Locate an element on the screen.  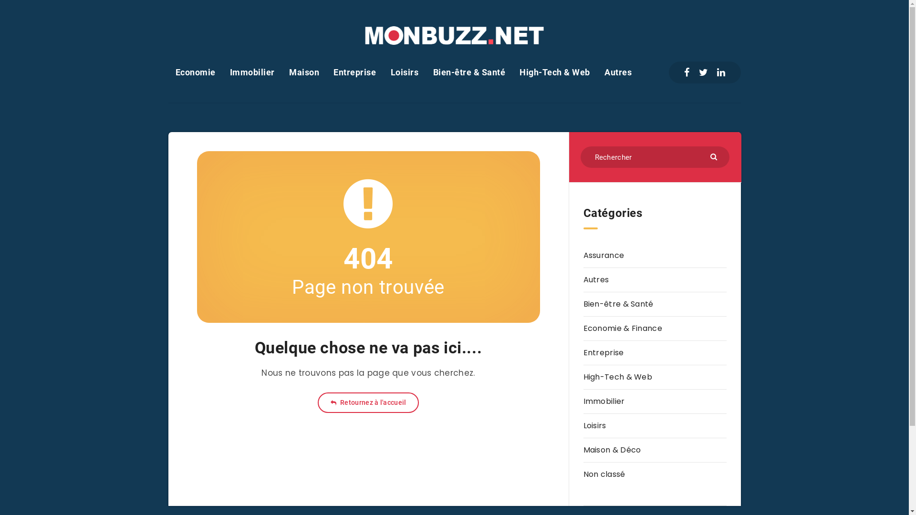
'Entreprise' is located at coordinates (603, 353).